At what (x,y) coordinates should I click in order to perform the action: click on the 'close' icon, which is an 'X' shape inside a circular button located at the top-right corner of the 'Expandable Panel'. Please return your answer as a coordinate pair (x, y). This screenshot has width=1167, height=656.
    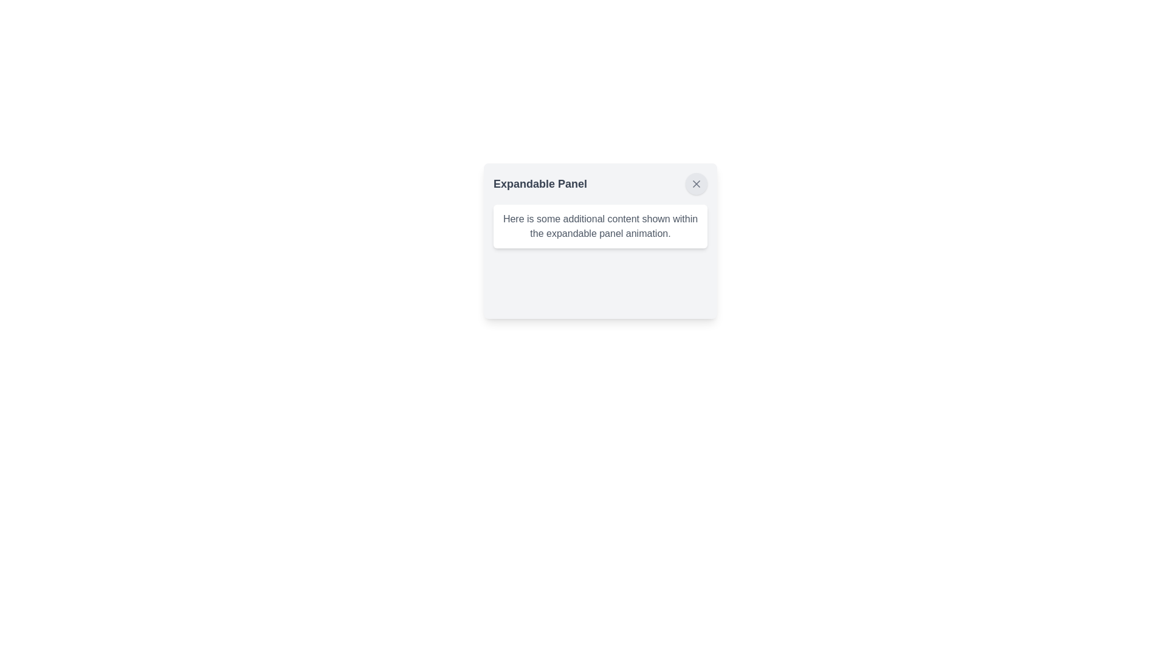
    Looking at the image, I should click on (697, 184).